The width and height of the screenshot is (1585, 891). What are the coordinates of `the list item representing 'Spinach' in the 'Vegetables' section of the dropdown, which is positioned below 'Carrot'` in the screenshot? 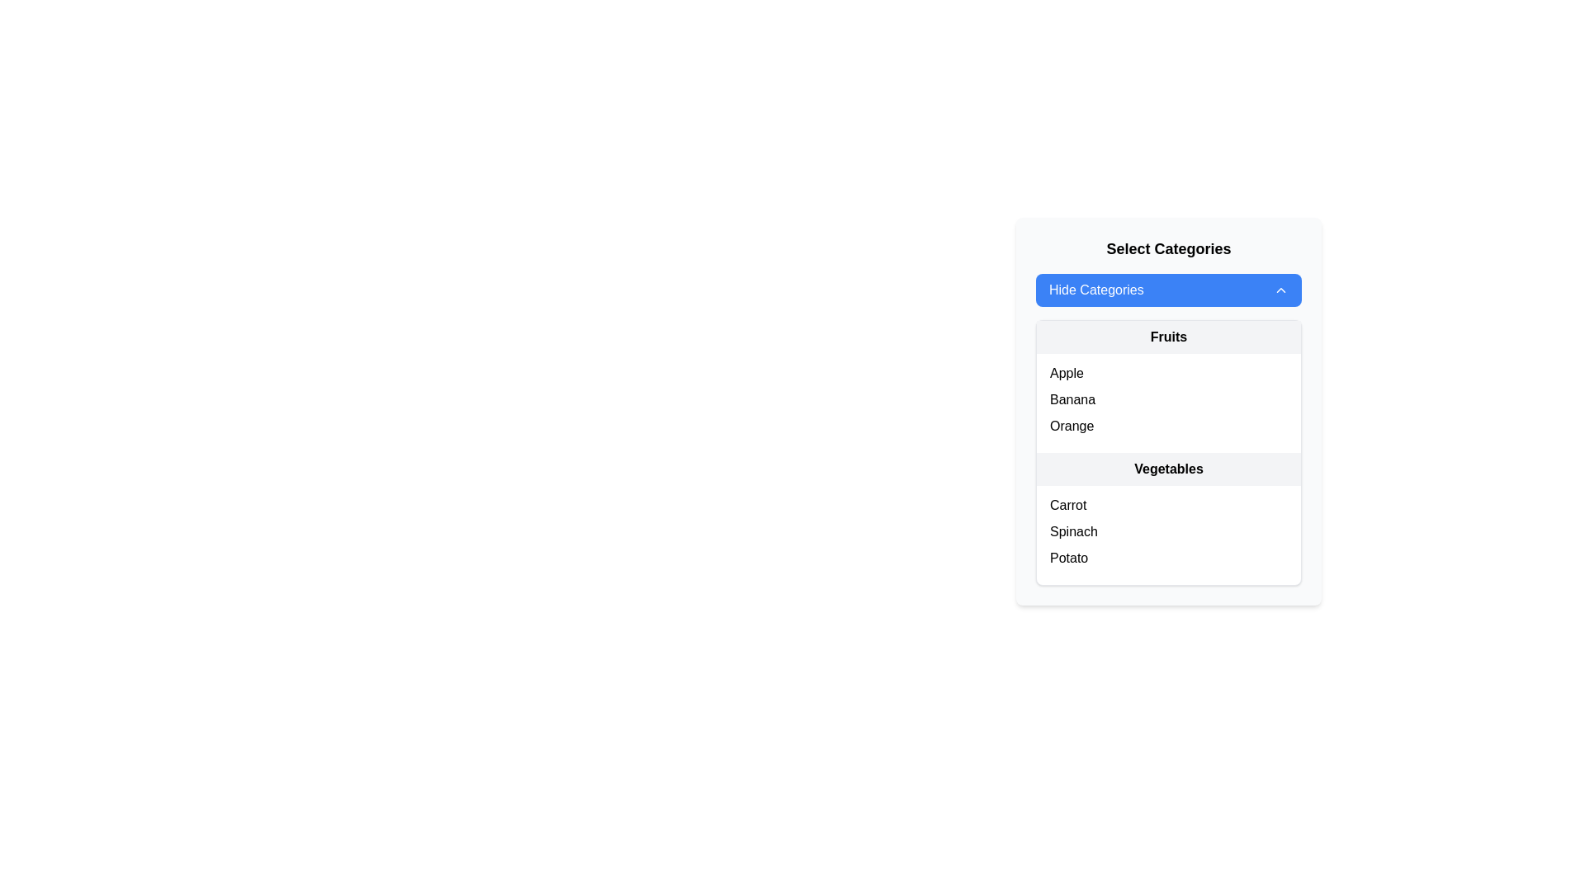 It's located at (1168, 531).